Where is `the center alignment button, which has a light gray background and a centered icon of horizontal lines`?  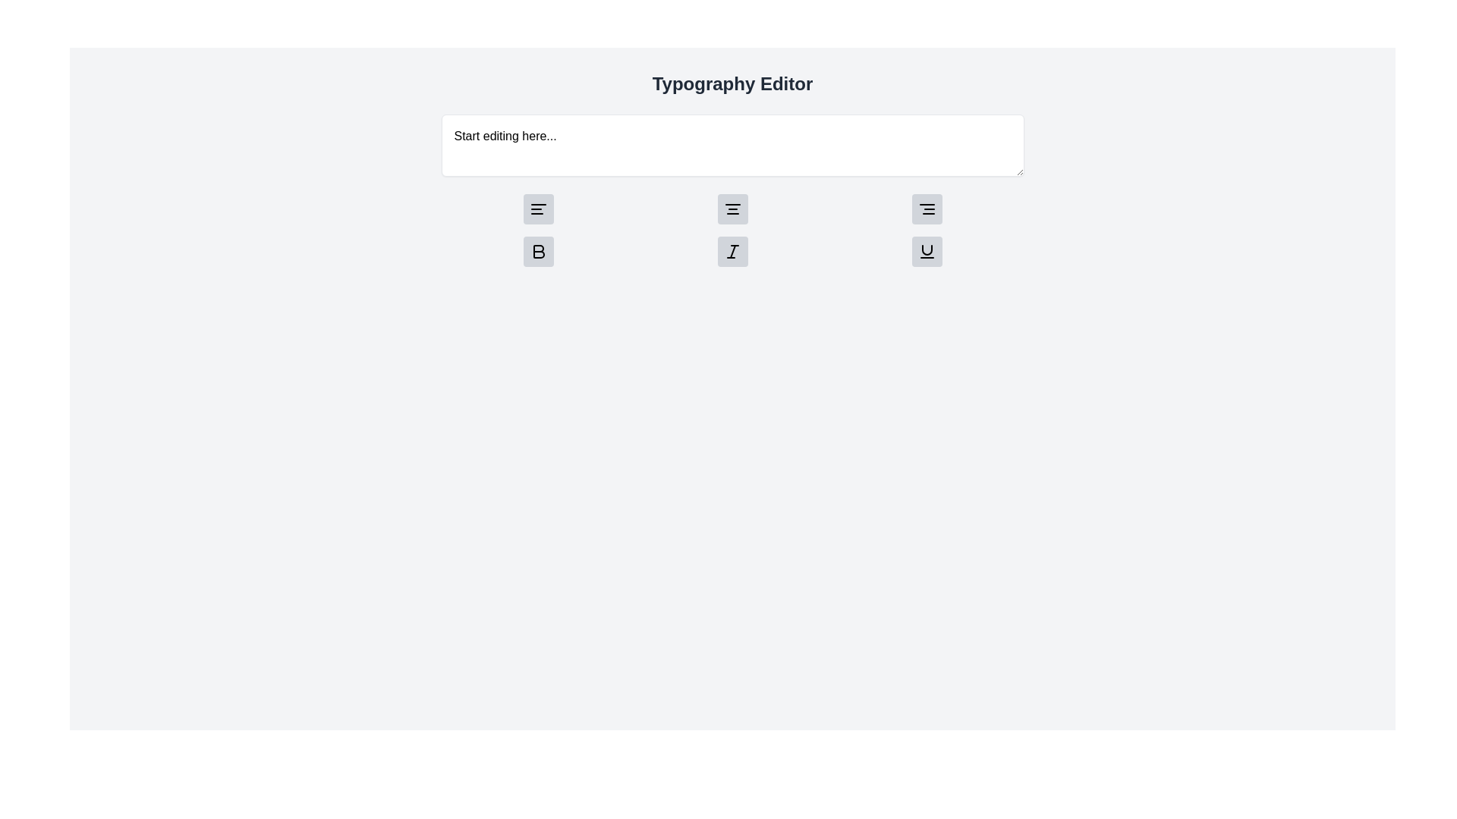 the center alignment button, which has a light gray background and a centered icon of horizontal lines is located at coordinates (732, 209).